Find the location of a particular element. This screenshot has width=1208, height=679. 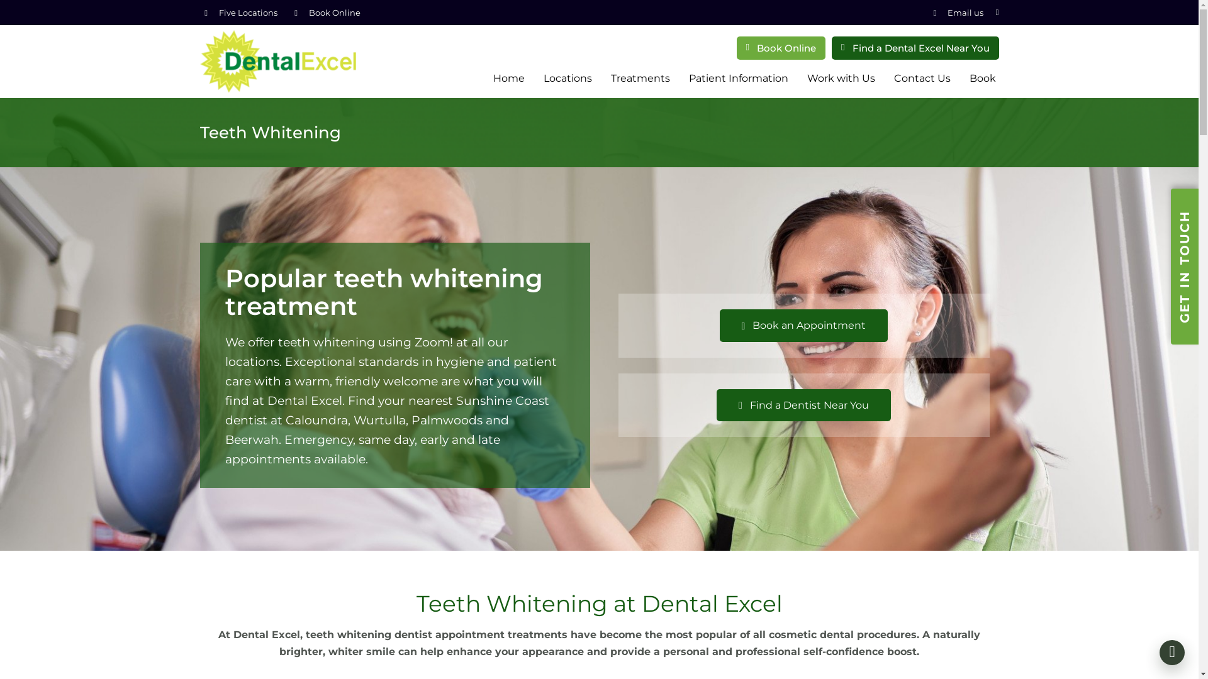

'Book Online' is located at coordinates (334, 12).